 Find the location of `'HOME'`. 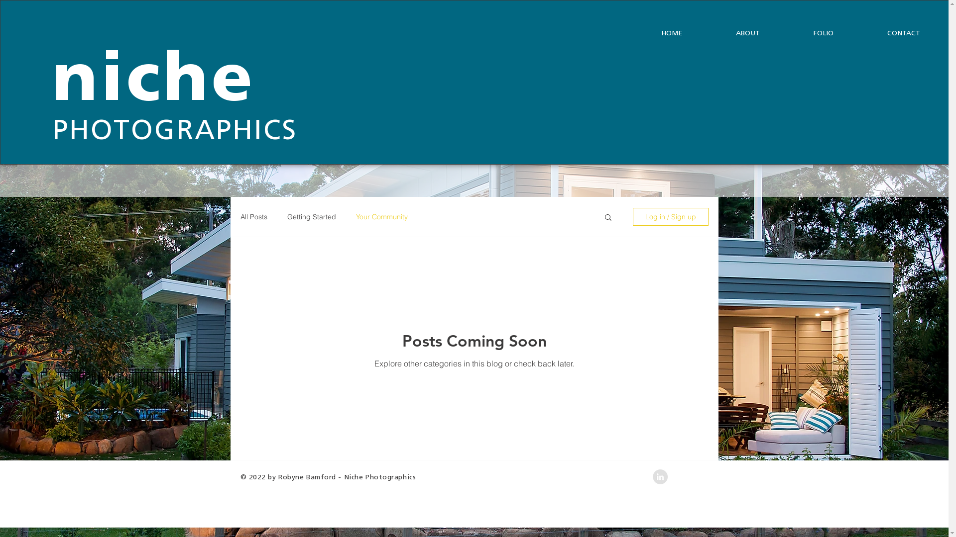

'HOME' is located at coordinates (671, 32).